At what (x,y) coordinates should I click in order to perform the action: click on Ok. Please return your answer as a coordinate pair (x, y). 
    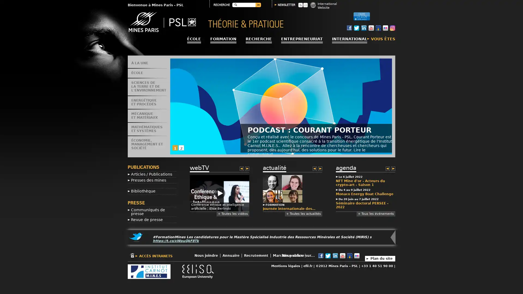
    Looking at the image, I should click on (258, 5).